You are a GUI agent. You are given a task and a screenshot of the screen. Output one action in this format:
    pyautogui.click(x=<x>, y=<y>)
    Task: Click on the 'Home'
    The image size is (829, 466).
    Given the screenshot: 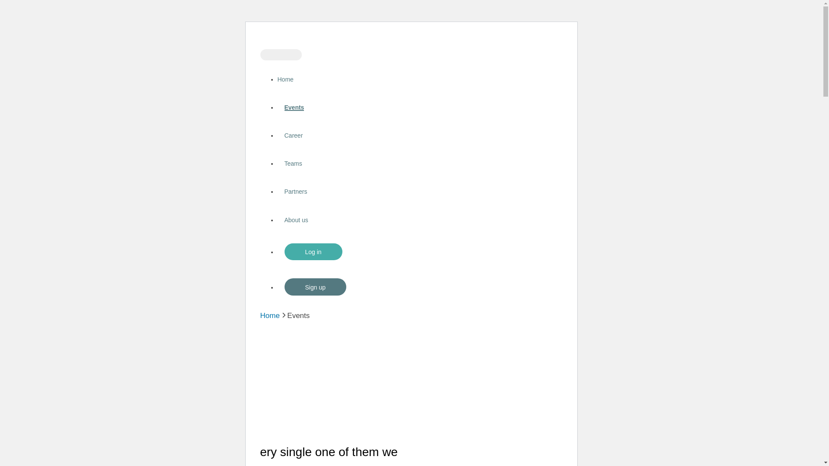 What is the action you would take?
    pyautogui.click(x=269, y=315)
    